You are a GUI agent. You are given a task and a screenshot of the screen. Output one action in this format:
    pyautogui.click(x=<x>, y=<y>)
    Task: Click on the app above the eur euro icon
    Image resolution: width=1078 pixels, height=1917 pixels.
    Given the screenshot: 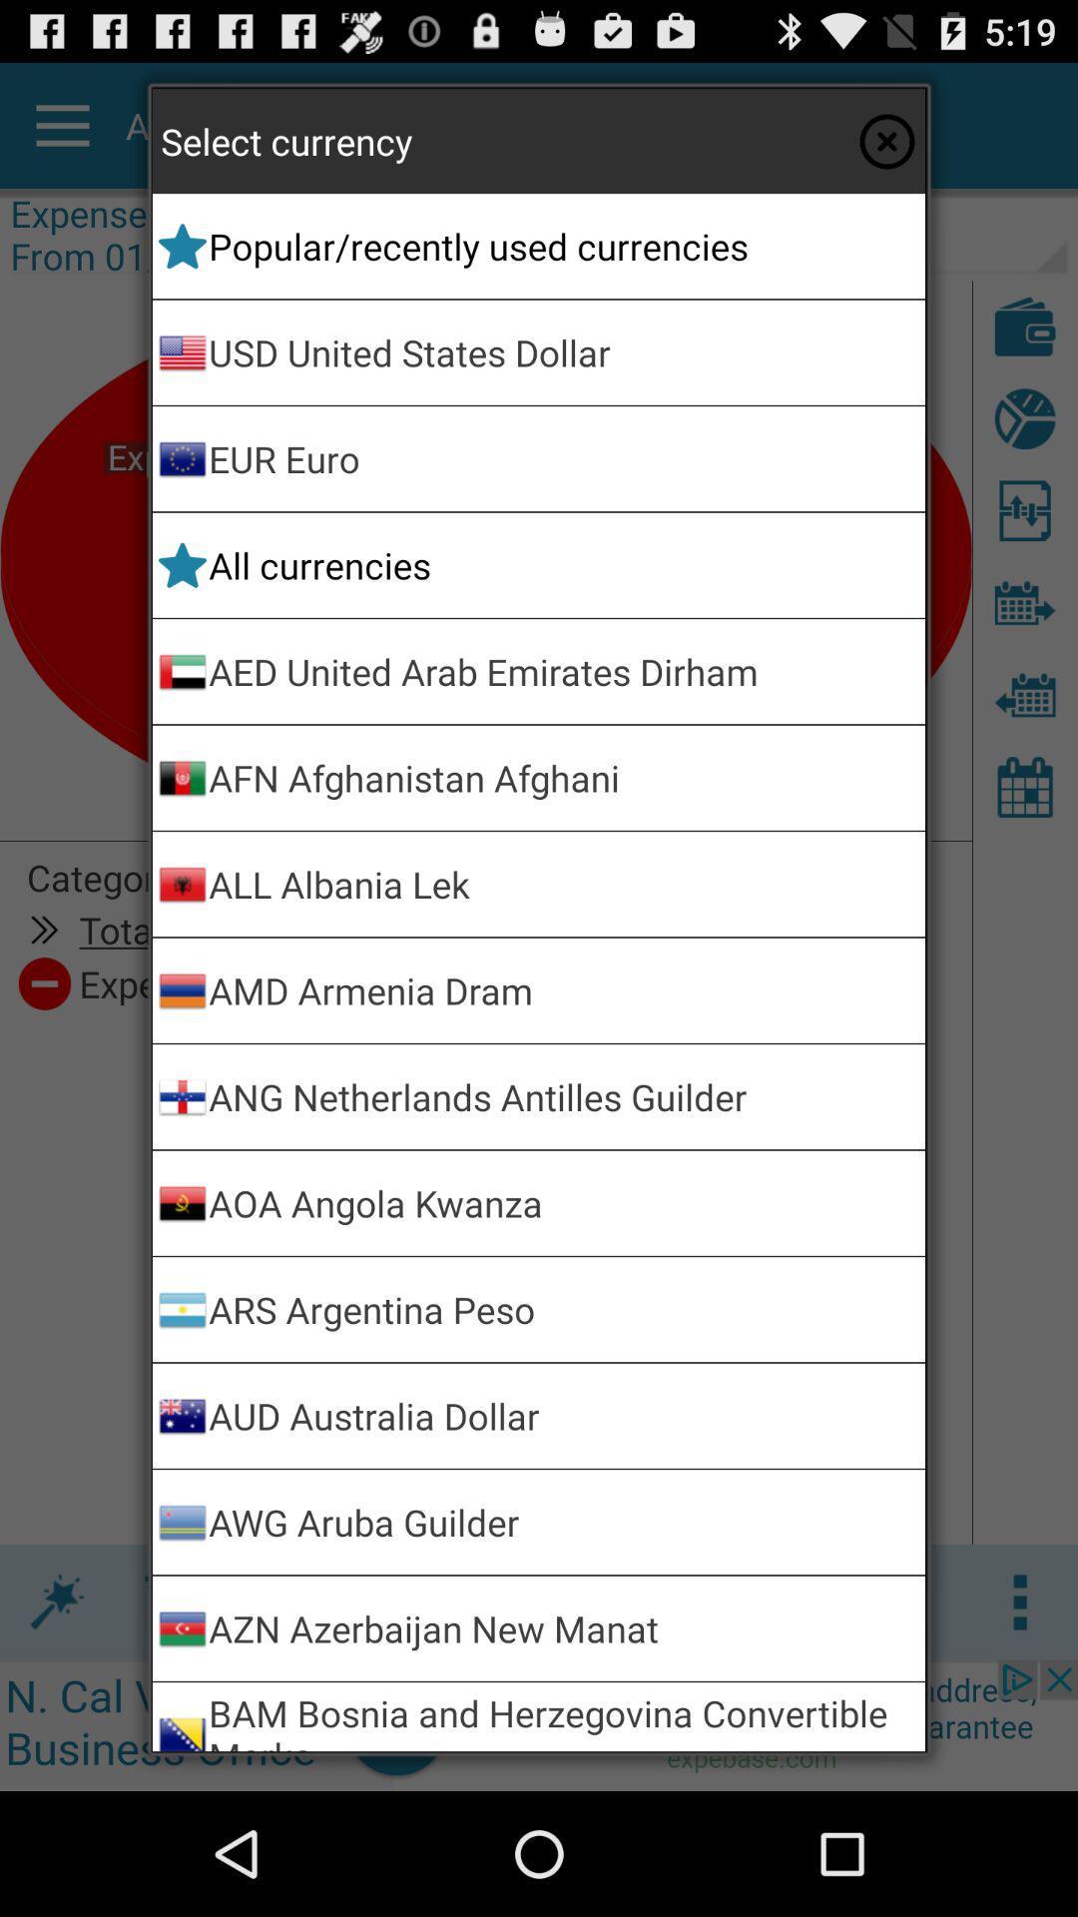 What is the action you would take?
    pyautogui.click(x=563, y=352)
    